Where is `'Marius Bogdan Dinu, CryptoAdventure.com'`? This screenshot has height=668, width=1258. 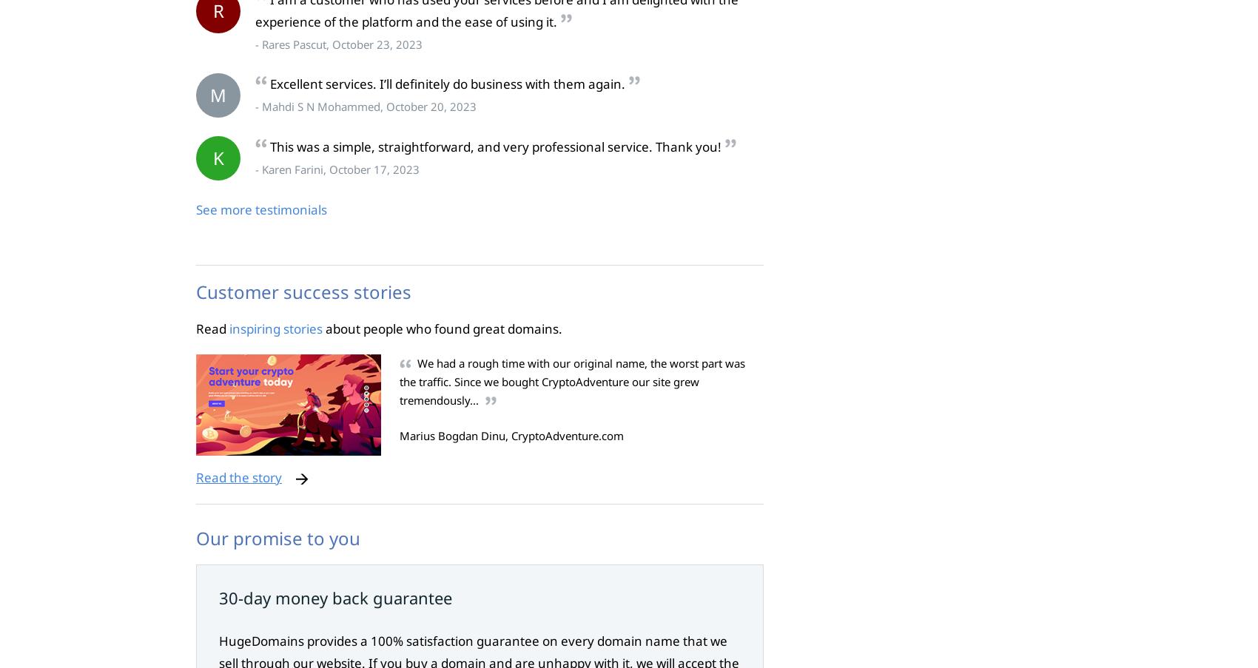
'Marius Bogdan Dinu, CryptoAdventure.com' is located at coordinates (511, 436).